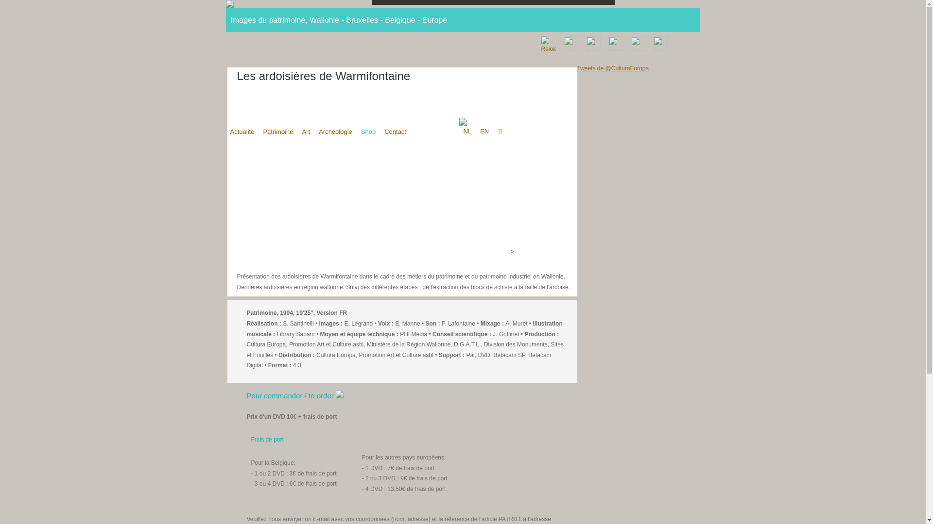 Image resolution: width=933 pixels, height=524 pixels. What do you see at coordinates (368, 131) in the screenshot?
I see `'Shop'` at bounding box center [368, 131].